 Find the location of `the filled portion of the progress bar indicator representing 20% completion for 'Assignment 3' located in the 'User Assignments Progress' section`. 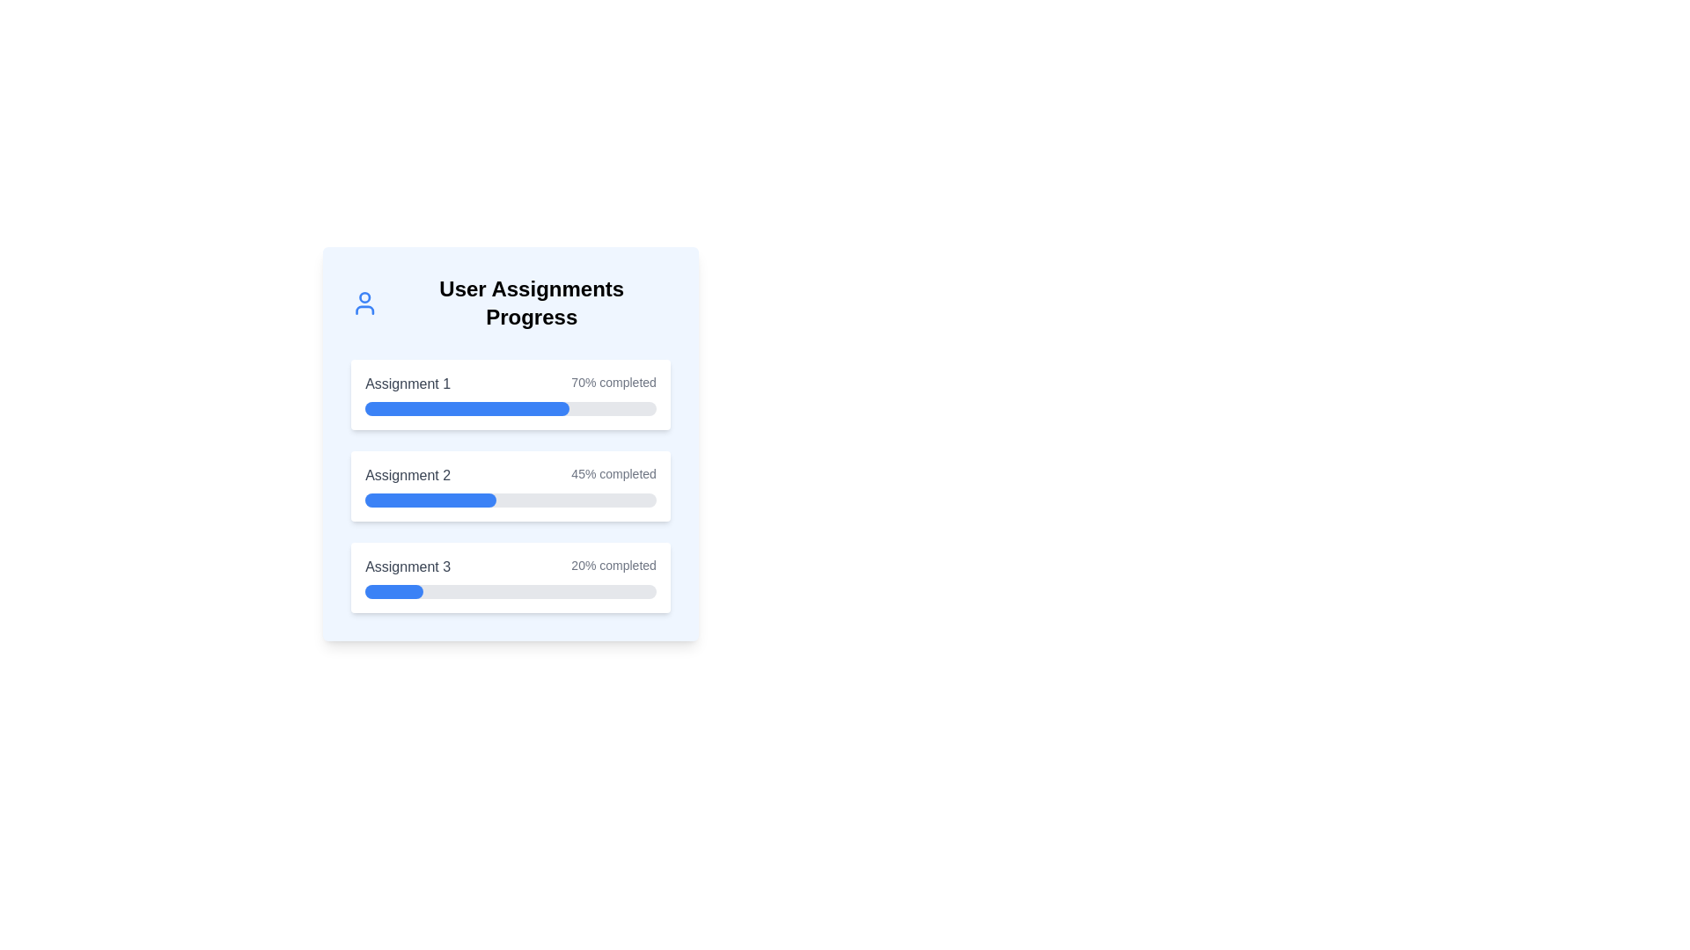

the filled portion of the progress bar indicator representing 20% completion for 'Assignment 3' located in the 'User Assignments Progress' section is located at coordinates (393, 591).